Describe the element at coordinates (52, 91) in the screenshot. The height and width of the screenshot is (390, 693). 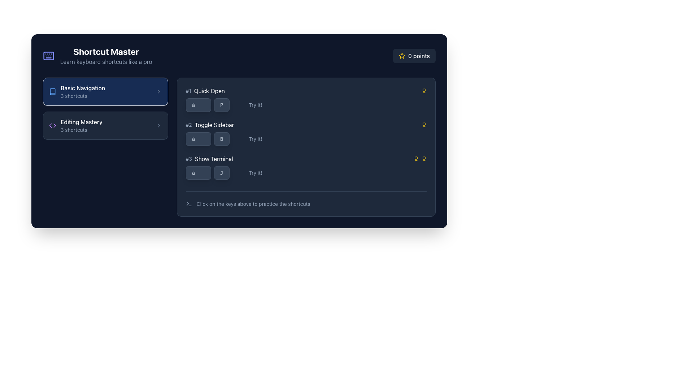
I see `the 'Basic Navigation' icon located to the left of the text 'Basic Navigation' and '3 shortcuts'` at that location.